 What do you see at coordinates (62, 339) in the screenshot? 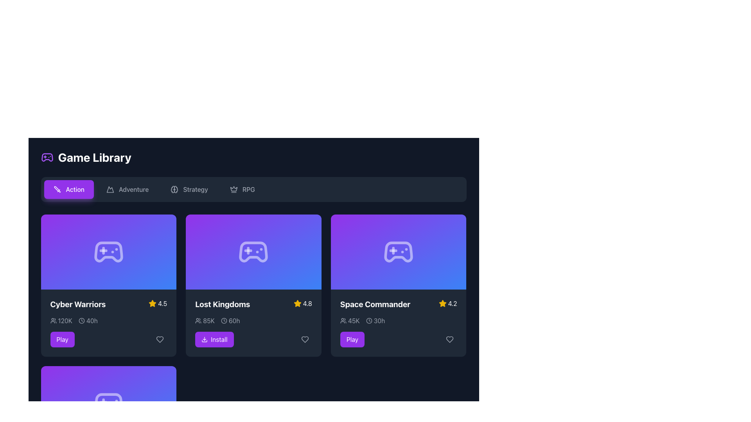
I see `the 'Play' button, which is a rectangular button with white text on a purple background, located at the bottom-left area of the 'Cyber Warriors' card` at bounding box center [62, 339].